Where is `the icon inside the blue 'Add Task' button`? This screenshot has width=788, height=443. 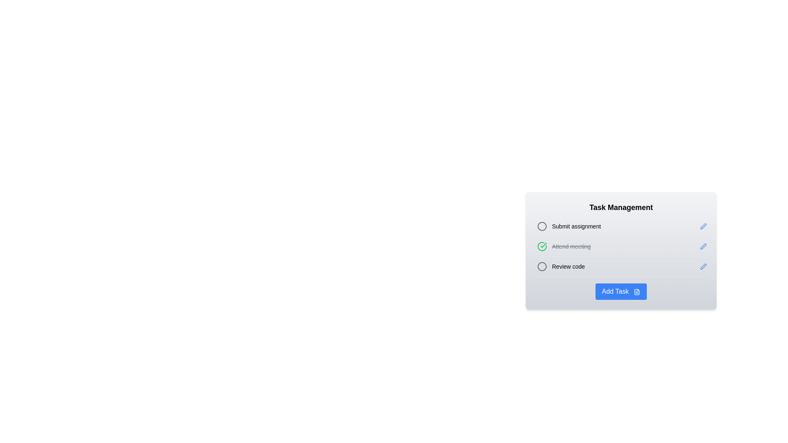
the icon inside the blue 'Add Task' button is located at coordinates (637, 291).